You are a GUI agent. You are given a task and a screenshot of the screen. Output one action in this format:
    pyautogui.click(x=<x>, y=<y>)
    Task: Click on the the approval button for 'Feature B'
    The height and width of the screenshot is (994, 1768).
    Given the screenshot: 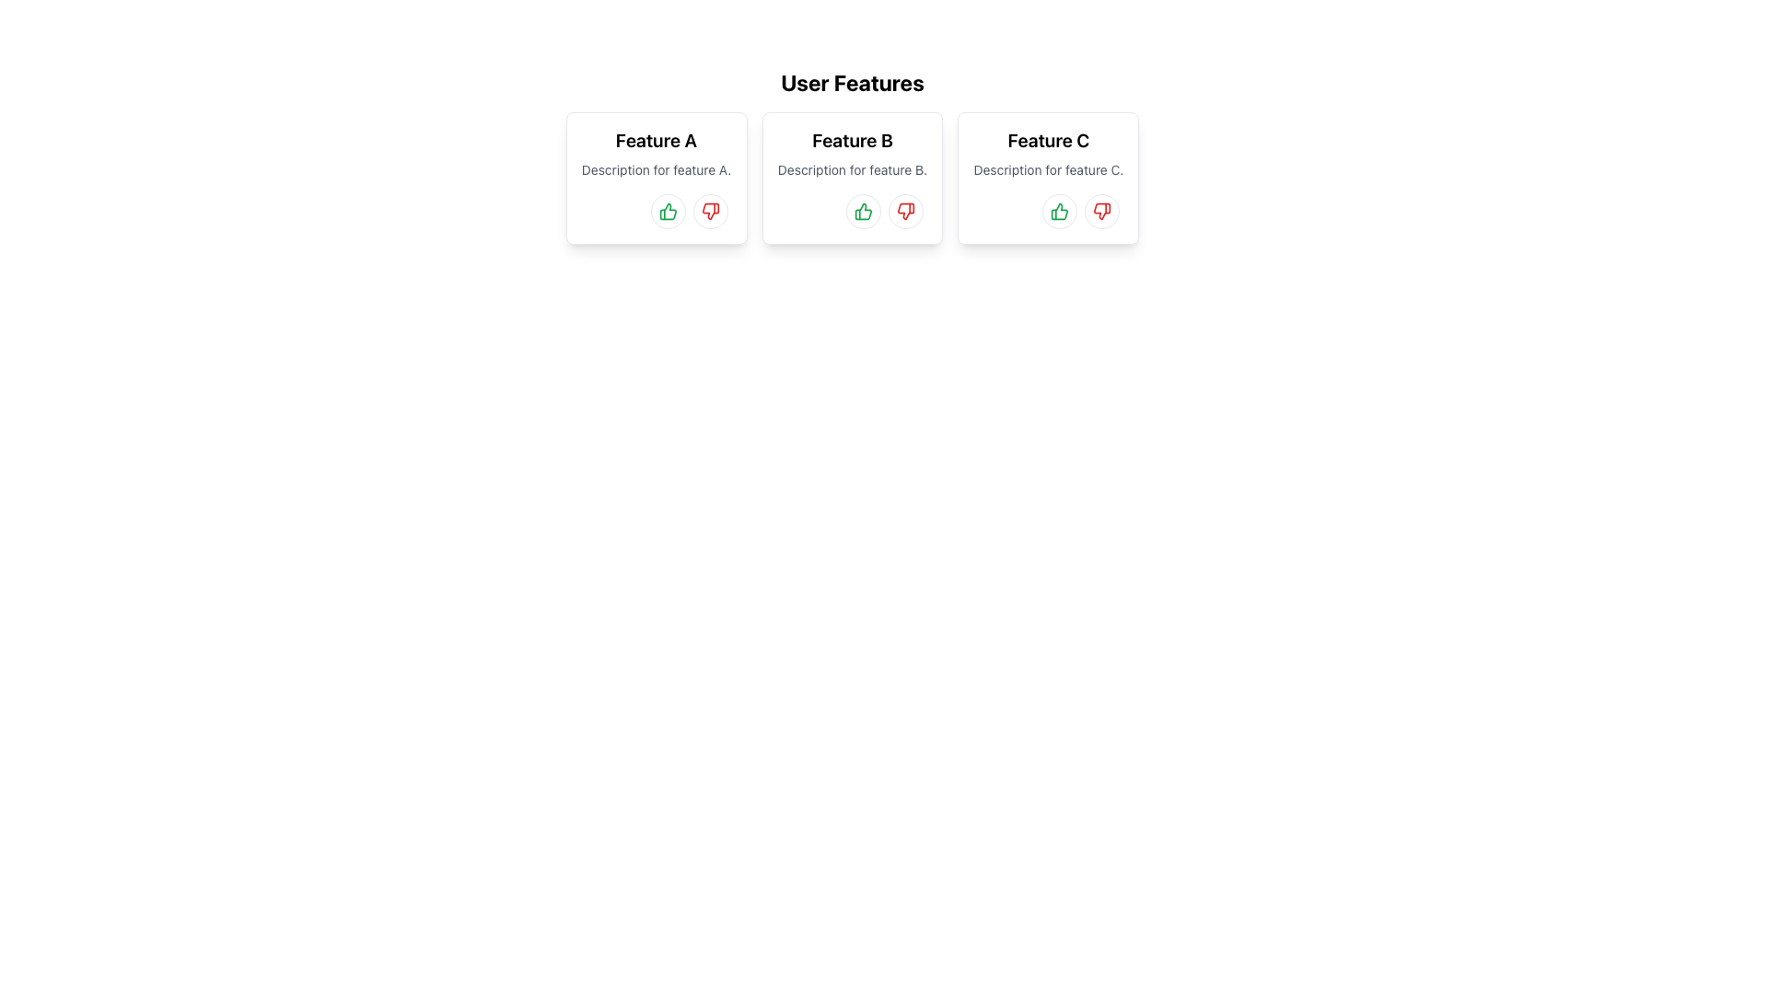 What is the action you would take?
    pyautogui.click(x=863, y=211)
    